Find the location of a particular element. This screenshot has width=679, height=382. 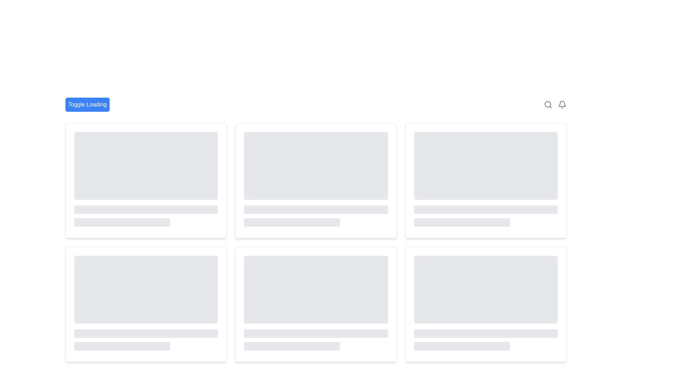

Placeholder card located in the bottom-left corner of the grid for debugging purposes is located at coordinates (146, 304).